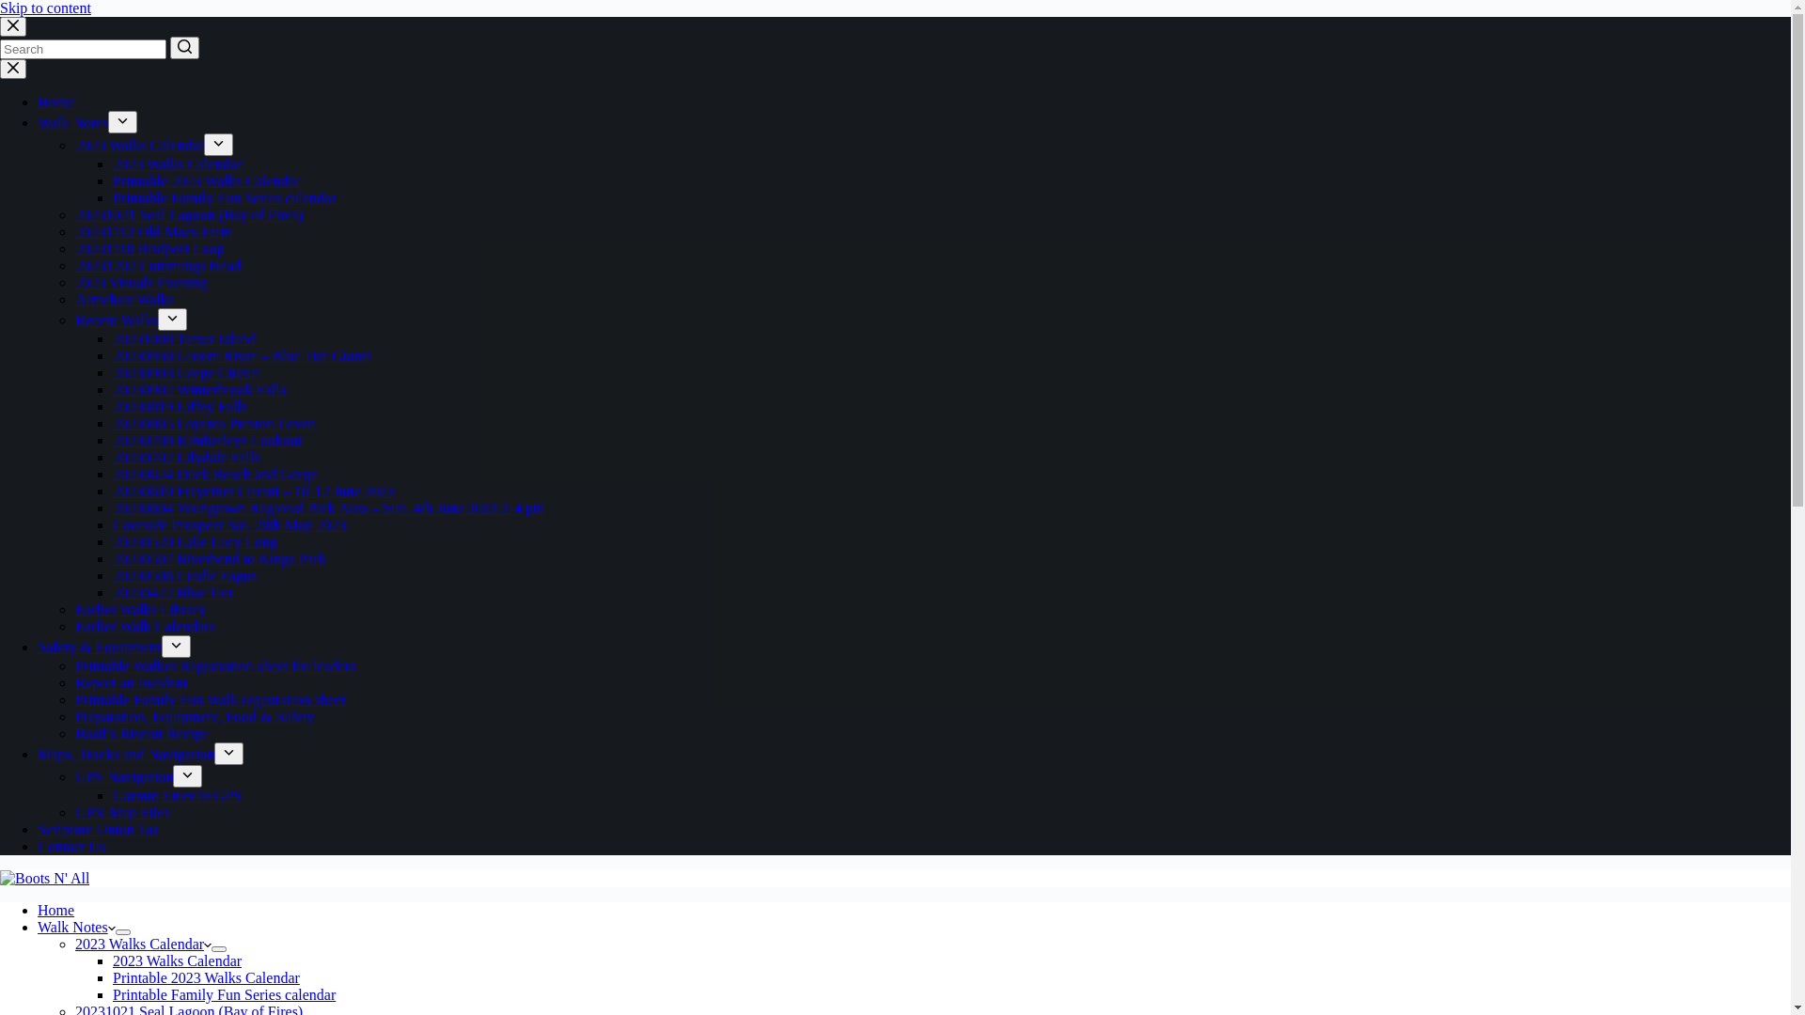 This screenshot has width=1805, height=1015. I want to click on 'GPS Navigation', so click(75, 776).